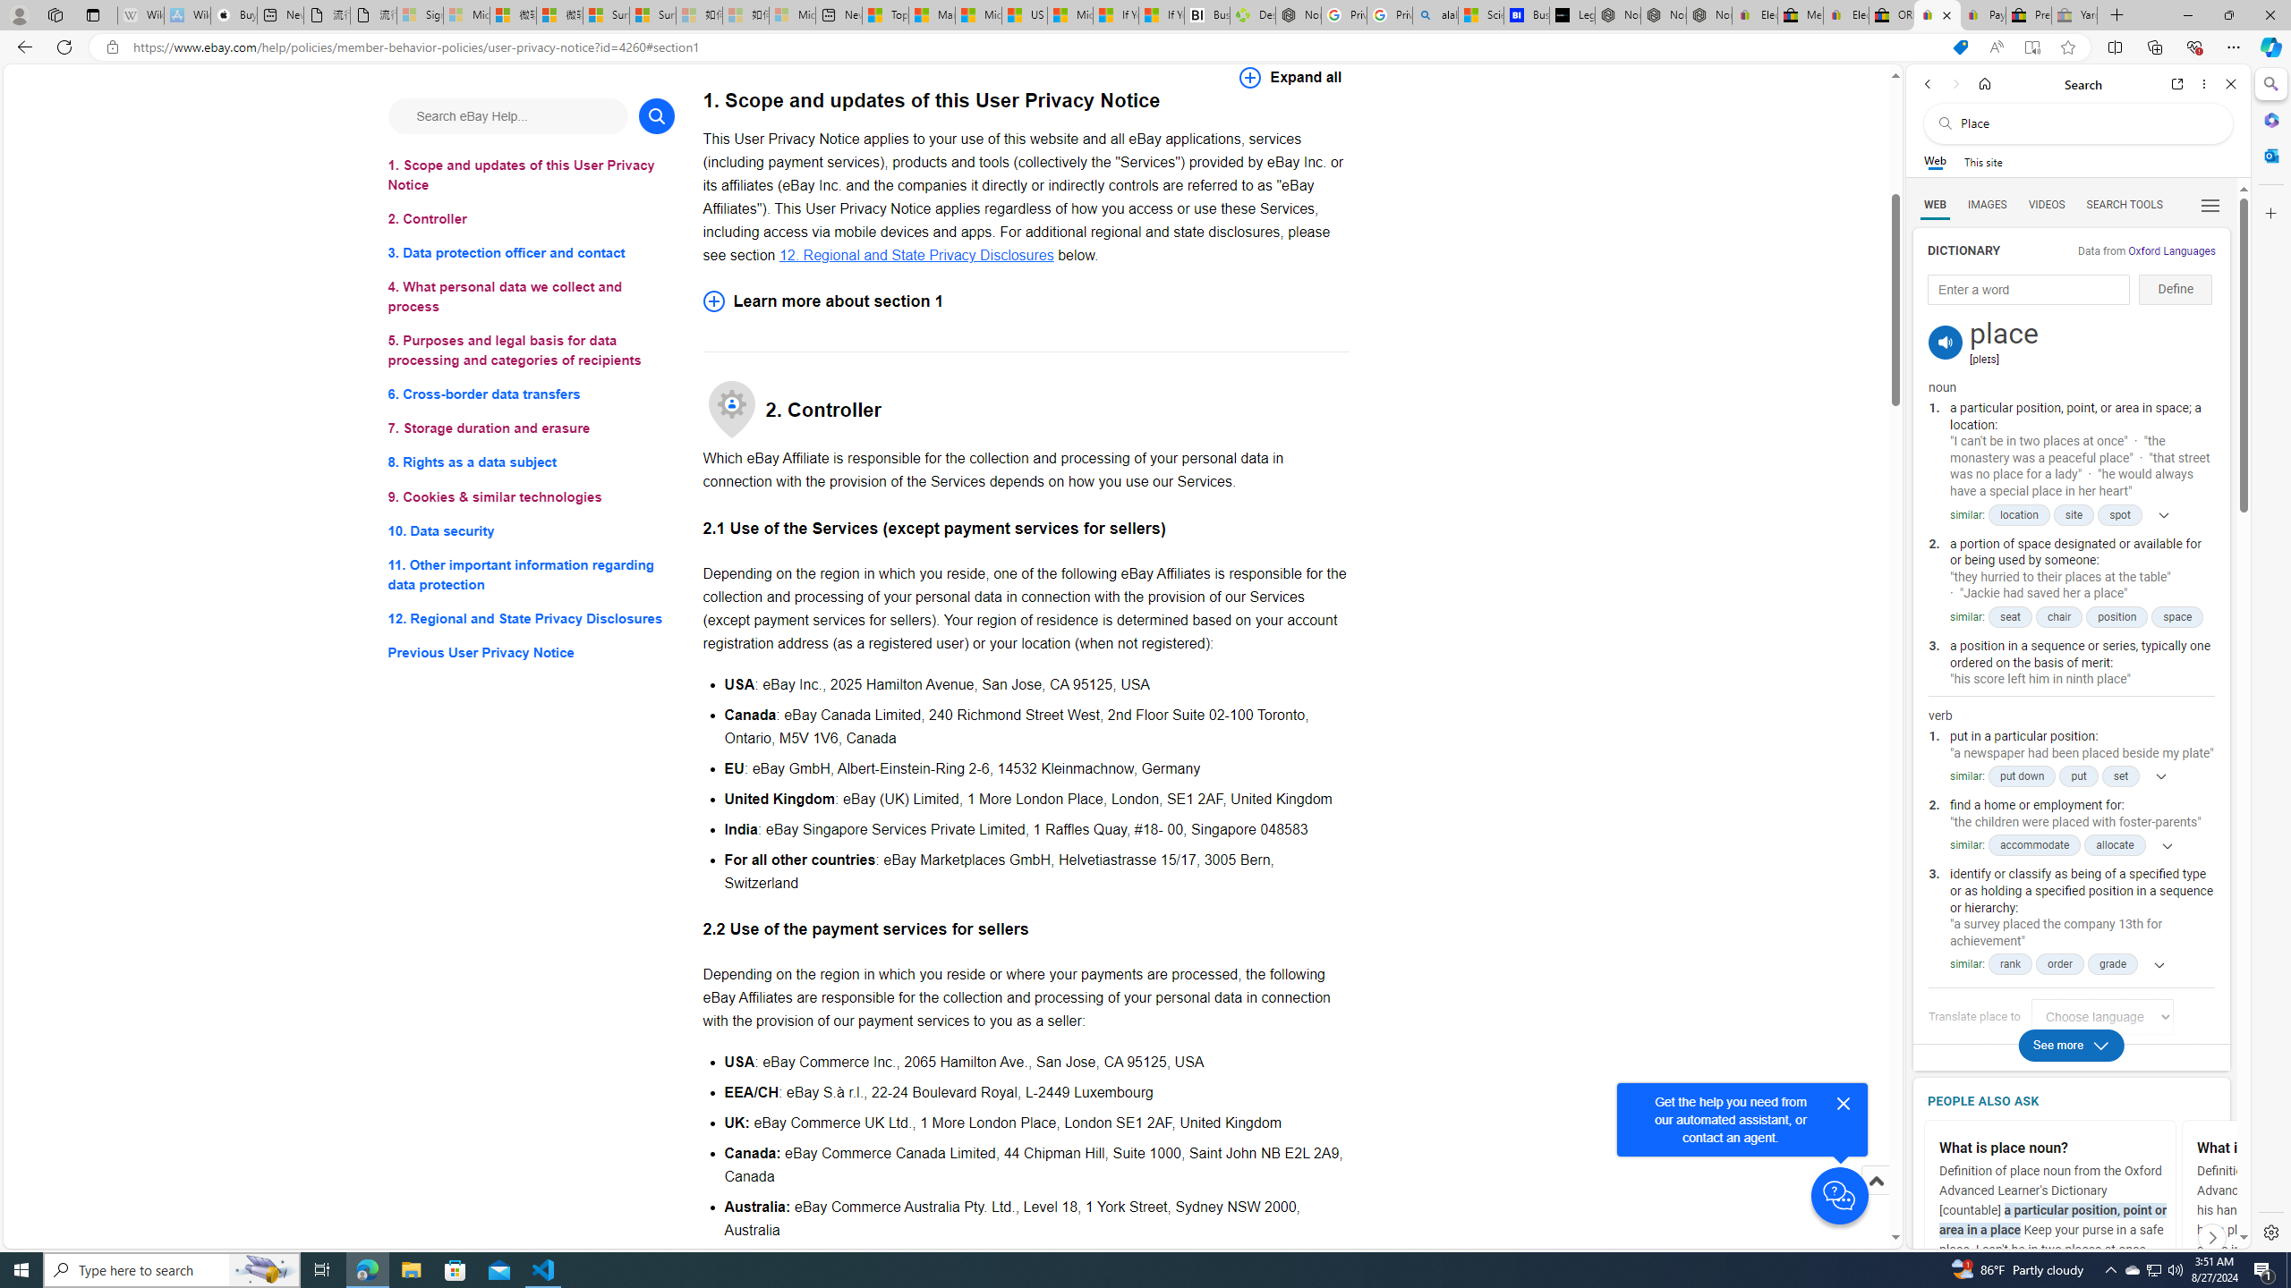  Describe the element at coordinates (791, 14) in the screenshot. I see `'Microsoft account | Account Checkup - Sleeping'` at that location.